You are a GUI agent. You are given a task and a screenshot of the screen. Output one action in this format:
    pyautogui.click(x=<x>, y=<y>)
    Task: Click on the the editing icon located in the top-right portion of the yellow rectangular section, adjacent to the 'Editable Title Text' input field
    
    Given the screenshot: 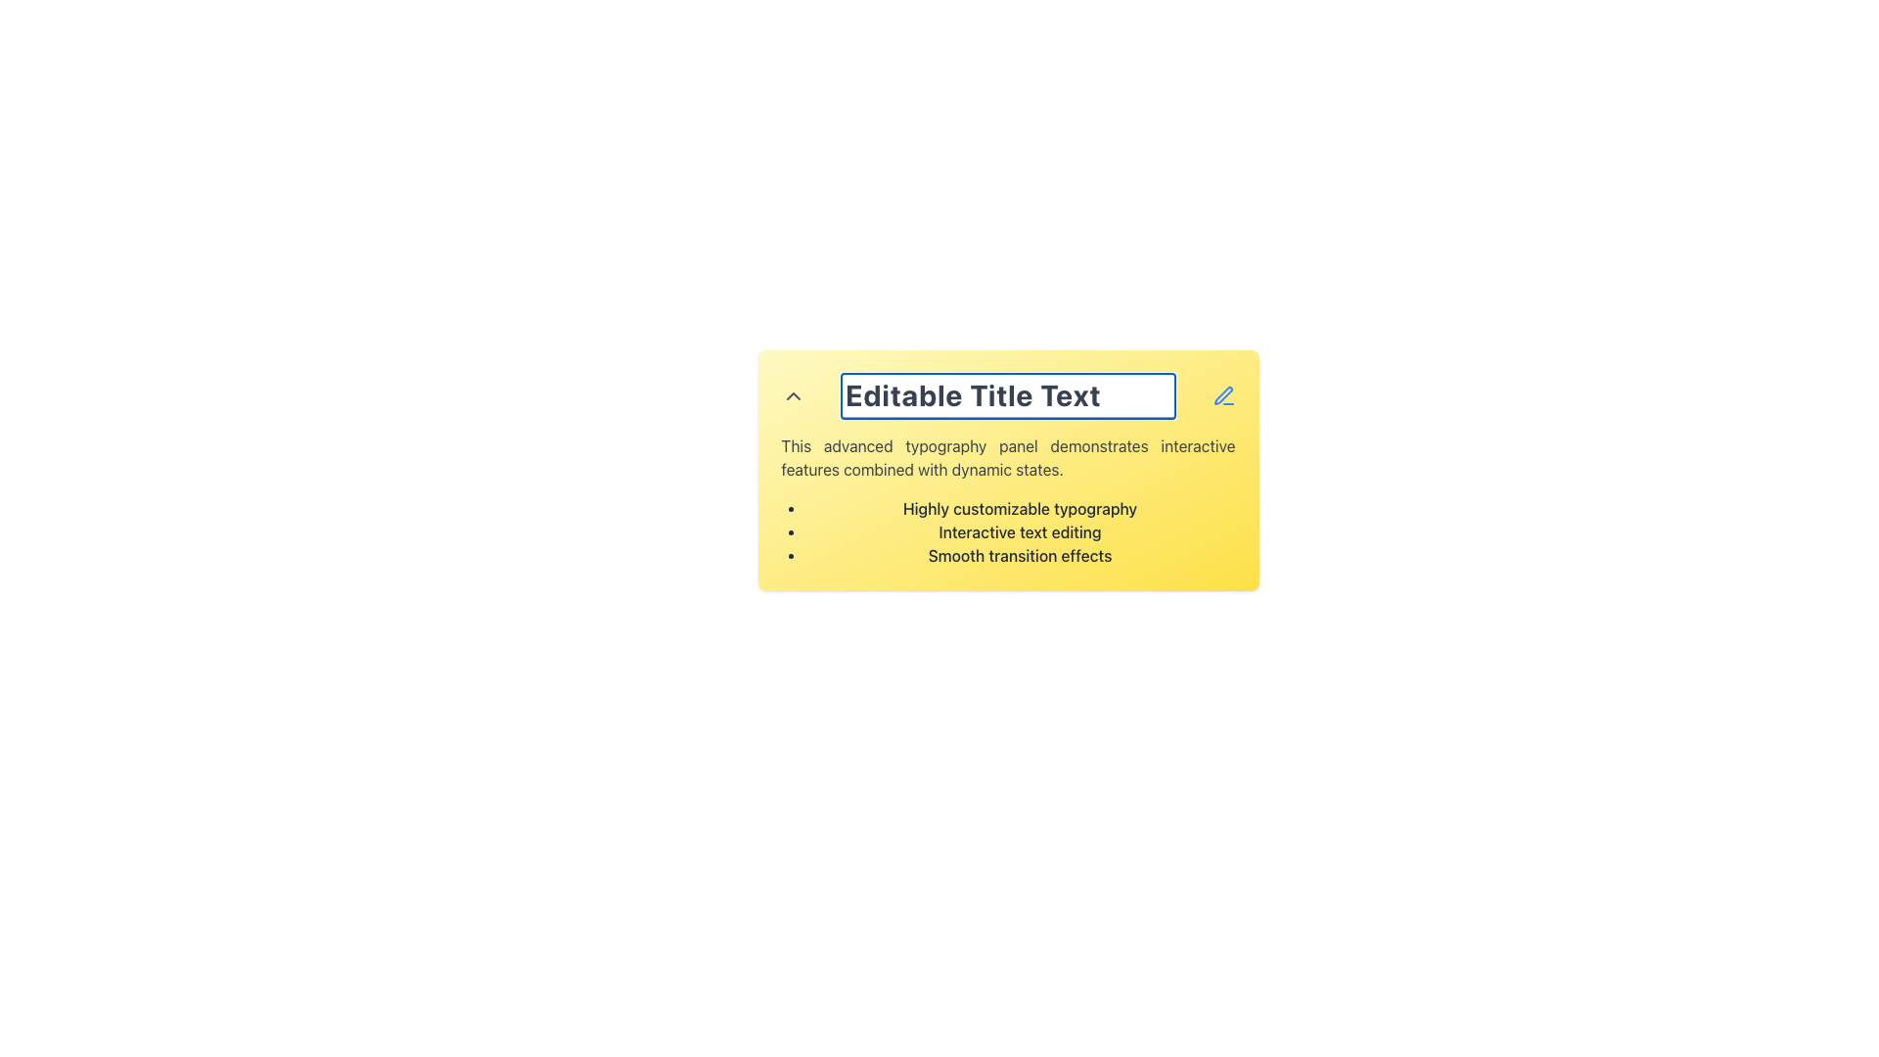 What is the action you would take?
    pyautogui.click(x=1221, y=395)
    